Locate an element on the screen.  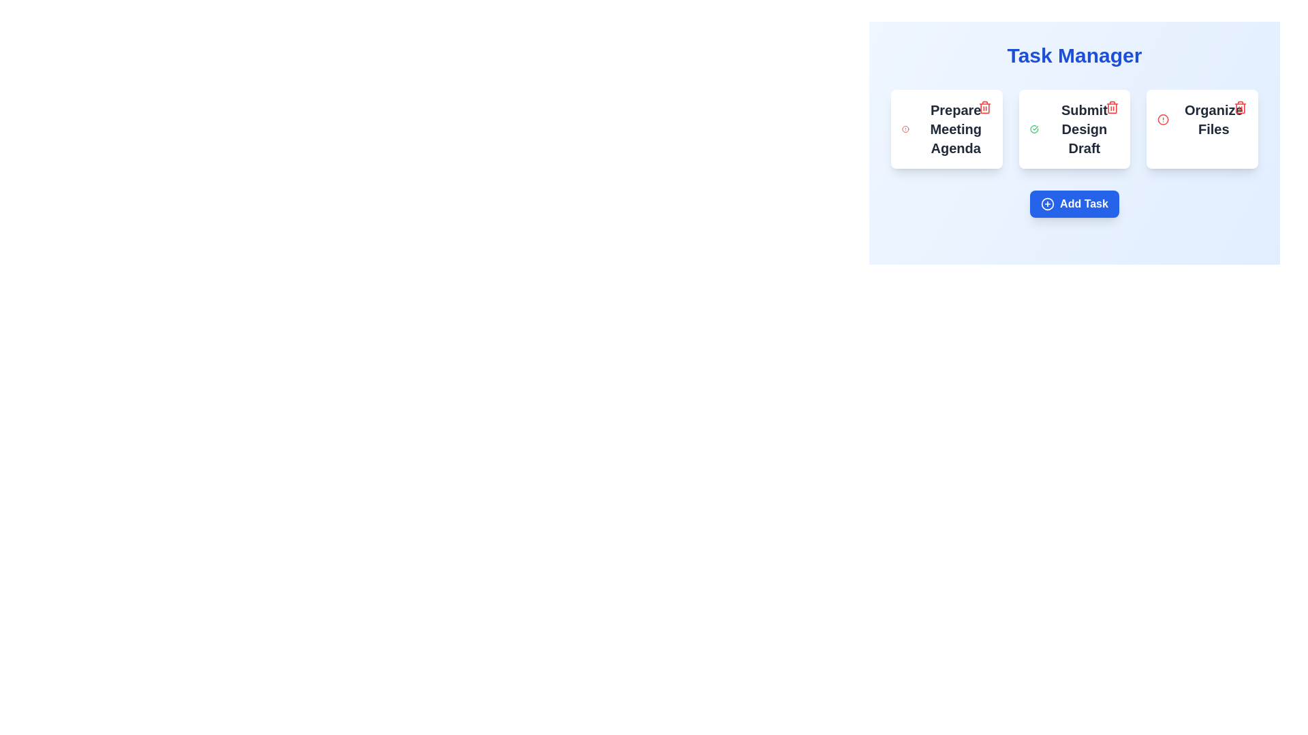
the Task Card labeled 'Organize Files' which is positioned in the third column under the 'Task Manager' heading is located at coordinates (1202, 129).